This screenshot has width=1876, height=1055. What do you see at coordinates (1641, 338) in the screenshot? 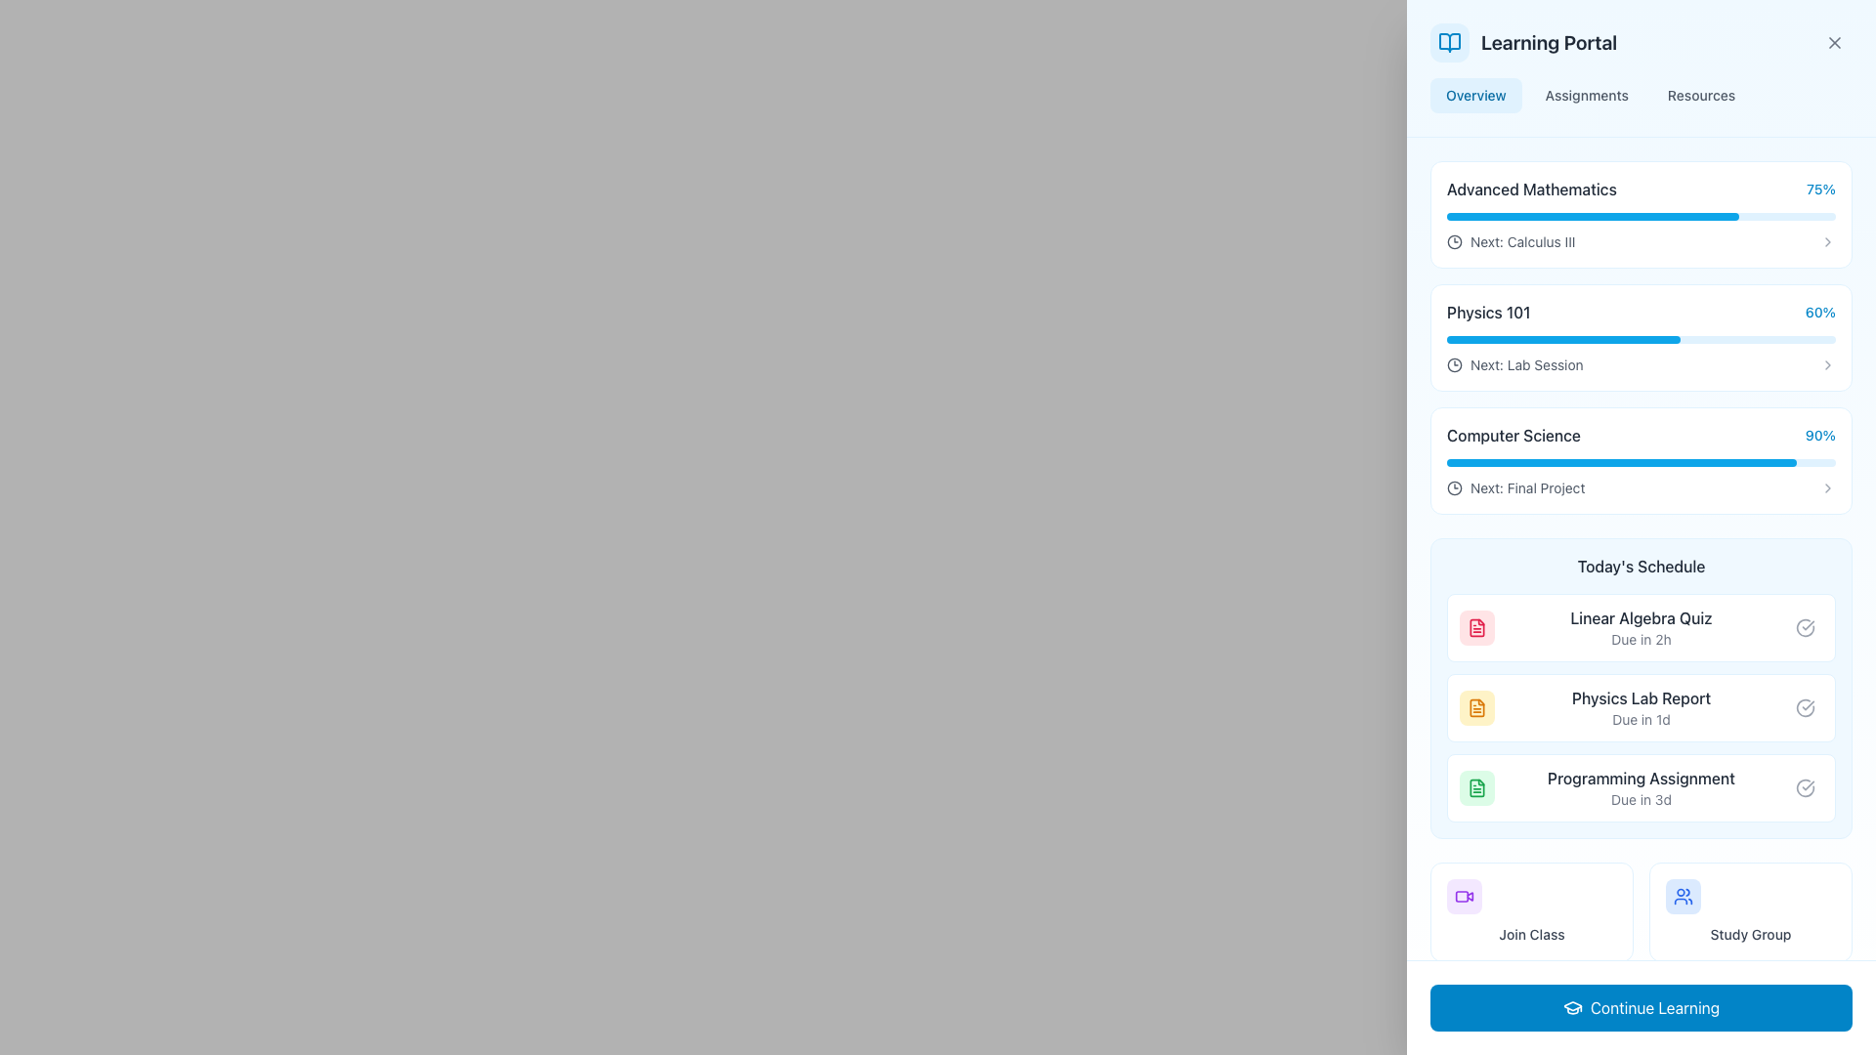
I see `the horizontal thin progress bar with a light blue background indicating 60% progress in the 'Physics 101' section` at bounding box center [1641, 338].